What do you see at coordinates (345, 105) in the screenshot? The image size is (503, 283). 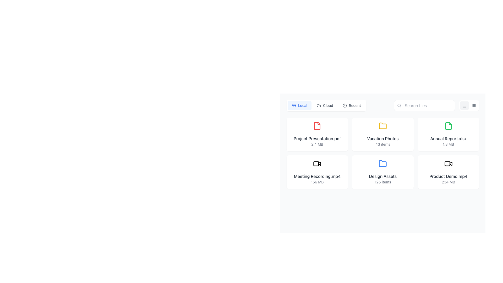 I see `the filled circular graphic component within the clock icon located near the top-right of the file interface, next to the column headers` at bounding box center [345, 105].